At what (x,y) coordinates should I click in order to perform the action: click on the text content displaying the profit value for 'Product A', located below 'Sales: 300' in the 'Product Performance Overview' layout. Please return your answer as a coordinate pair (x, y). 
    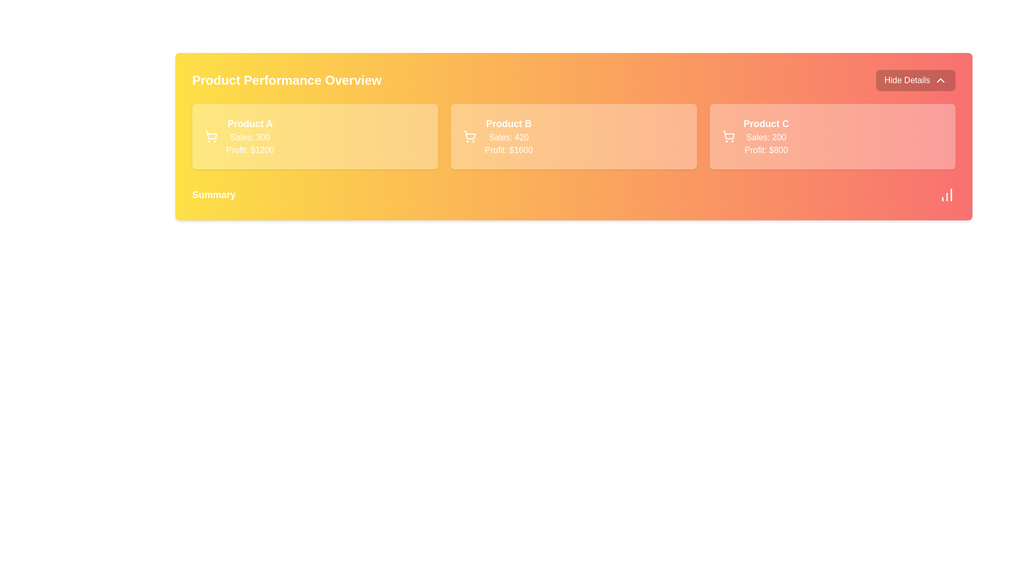
    Looking at the image, I should click on (249, 150).